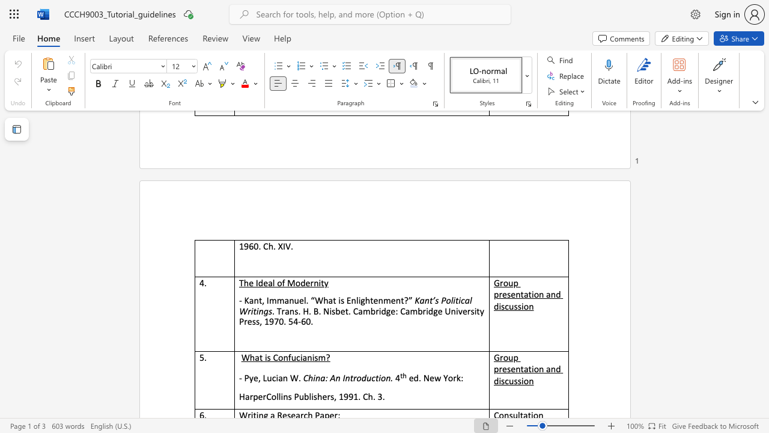  What do you see at coordinates (263, 310) in the screenshot?
I see `the subset text "gs" within the text "Kant’s Political Writings"` at bounding box center [263, 310].